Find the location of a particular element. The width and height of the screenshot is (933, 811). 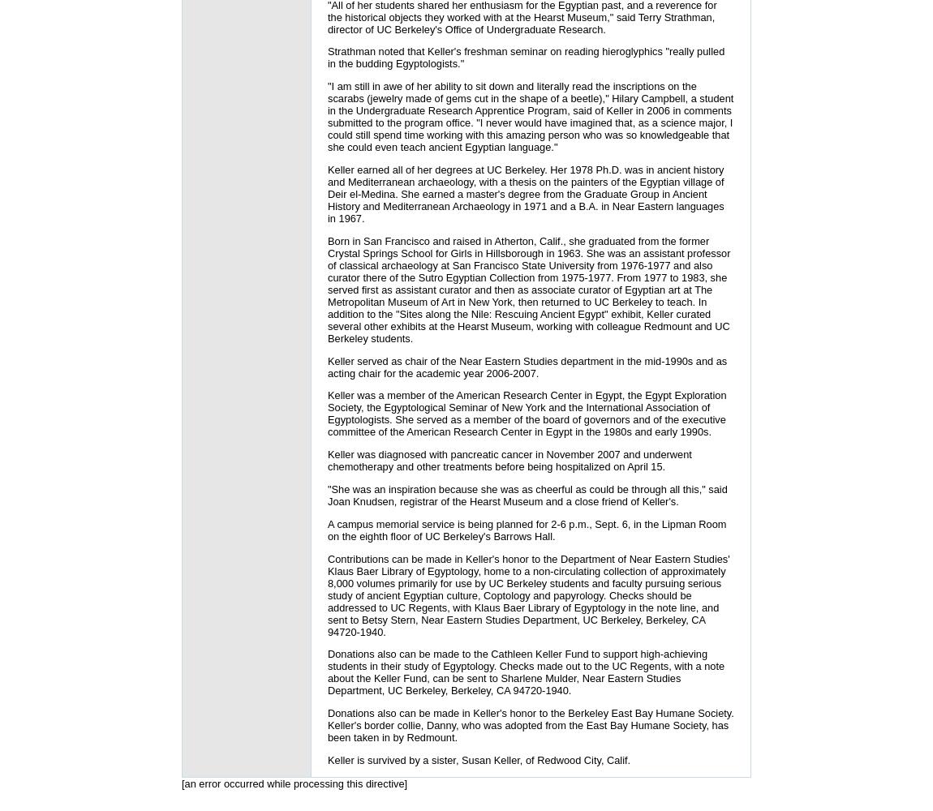

'Keller was a member of the American Research Center in Egypt, the Egypt Exploration Society, the Egyptological Seminar of New York and the International Association of Egyptologists. She served as a member of the board of governors and of the executive committee of the American Research Center in Egypt in the 1980s and early 1990s.' is located at coordinates (526, 414).